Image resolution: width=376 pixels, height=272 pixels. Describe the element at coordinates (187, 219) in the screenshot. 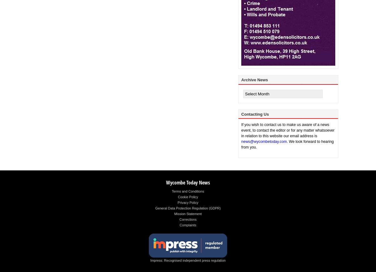

I see `'Corrections'` at that location.